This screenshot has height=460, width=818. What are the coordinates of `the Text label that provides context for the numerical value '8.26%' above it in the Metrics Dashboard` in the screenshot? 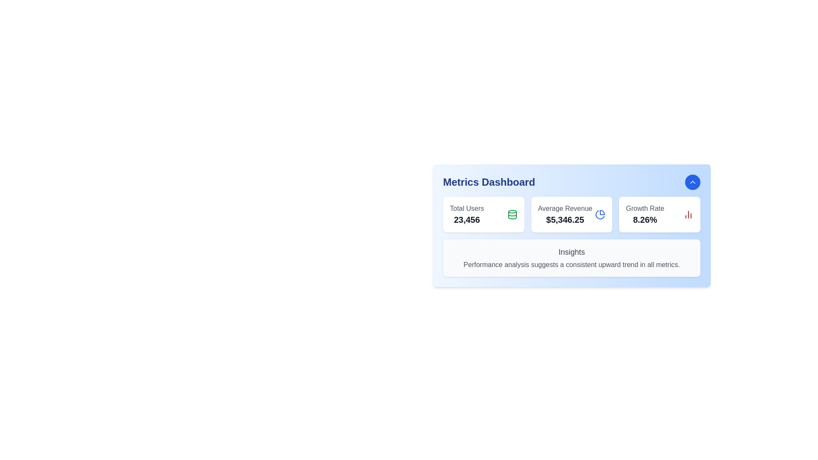 It's located at (645, 208).